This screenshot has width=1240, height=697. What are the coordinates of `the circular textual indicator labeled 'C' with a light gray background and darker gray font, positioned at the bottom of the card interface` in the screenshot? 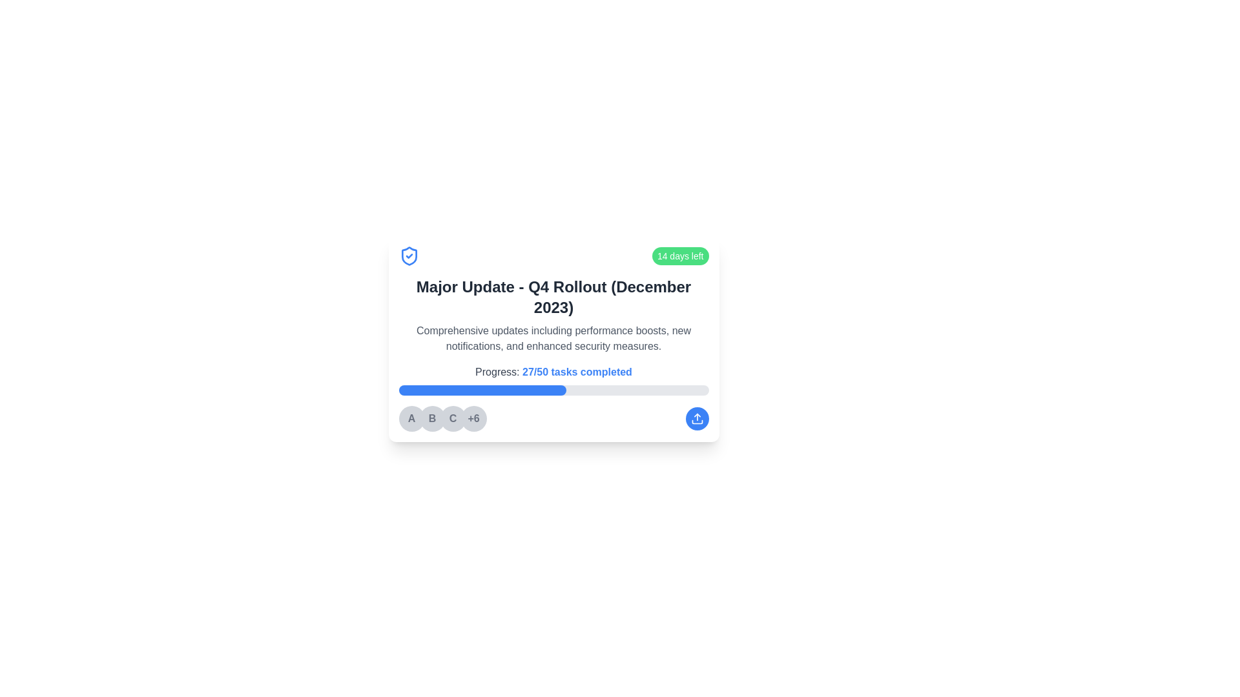 It's located at (453, 418).